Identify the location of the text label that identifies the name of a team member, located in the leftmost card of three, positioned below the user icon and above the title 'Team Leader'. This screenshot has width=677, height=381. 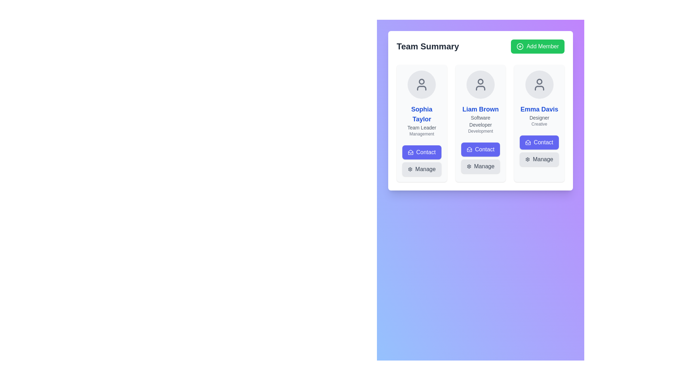
(422, 114).